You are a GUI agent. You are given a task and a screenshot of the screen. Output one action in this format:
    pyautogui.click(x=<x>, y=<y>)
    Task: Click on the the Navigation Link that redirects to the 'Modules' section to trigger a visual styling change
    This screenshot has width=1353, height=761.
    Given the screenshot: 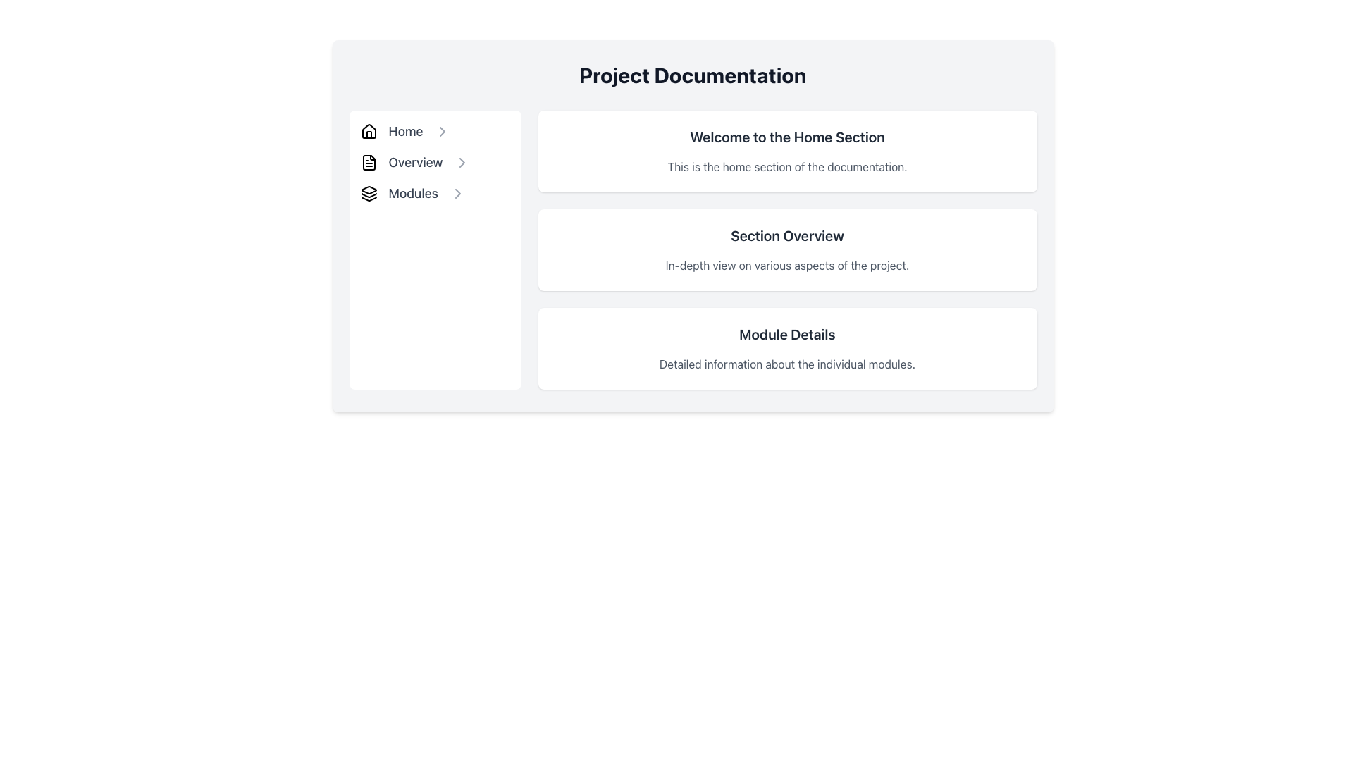 What is the action you would take?
    pyautogui.click(x=434, y=193)
    